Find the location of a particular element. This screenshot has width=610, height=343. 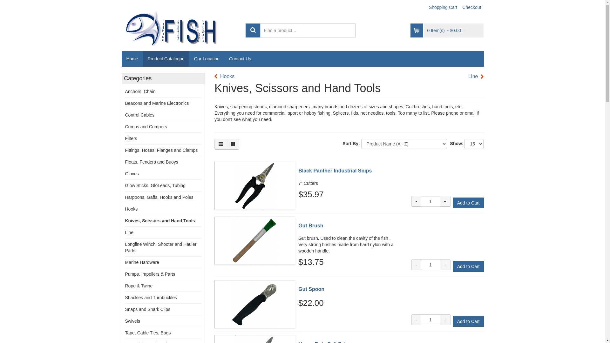

'Pumps, Impellers & Parts' is located at coordinates (150, 274).